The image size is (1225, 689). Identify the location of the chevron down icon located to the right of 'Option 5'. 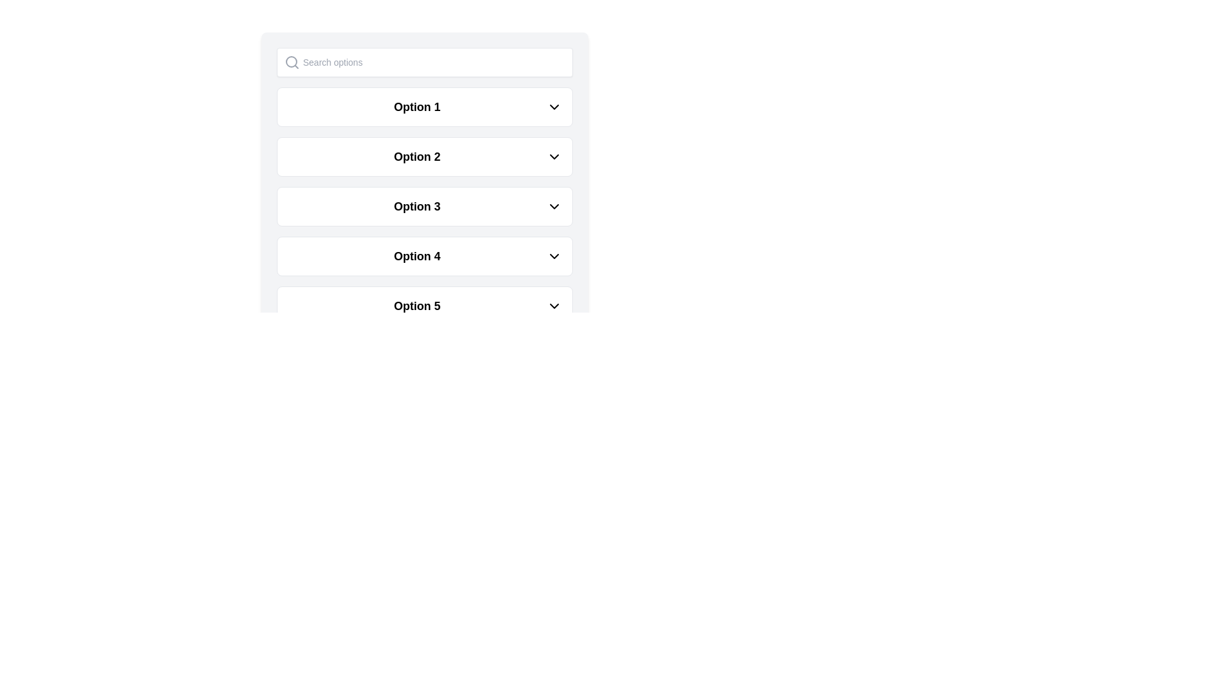
(554, 306).